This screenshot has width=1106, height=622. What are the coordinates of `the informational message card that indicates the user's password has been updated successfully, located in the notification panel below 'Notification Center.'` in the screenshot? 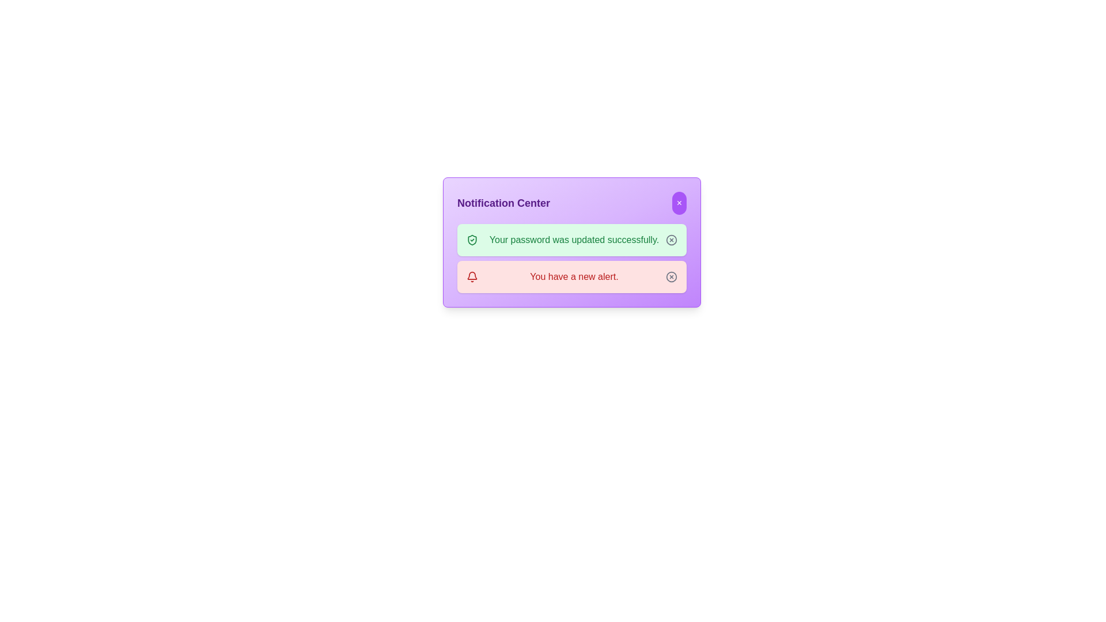 It's located at (572, 239).